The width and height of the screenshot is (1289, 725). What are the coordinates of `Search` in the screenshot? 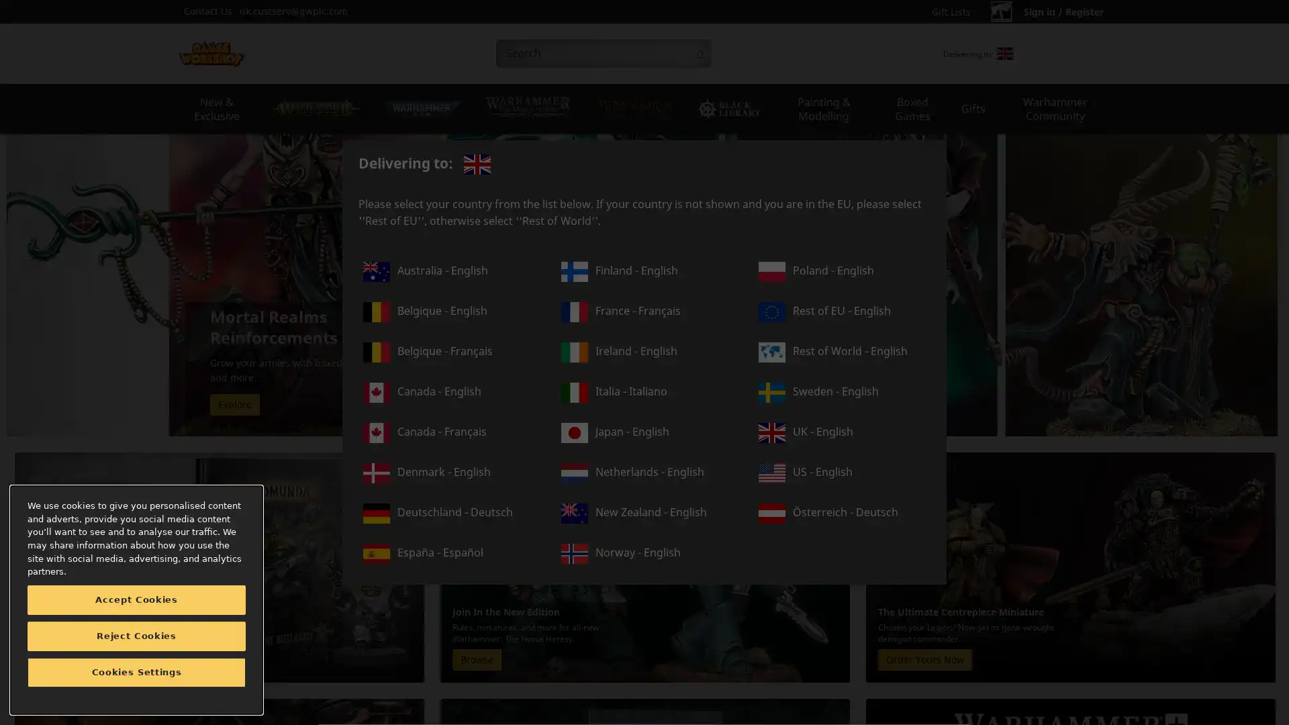 It's located at (698, 53).